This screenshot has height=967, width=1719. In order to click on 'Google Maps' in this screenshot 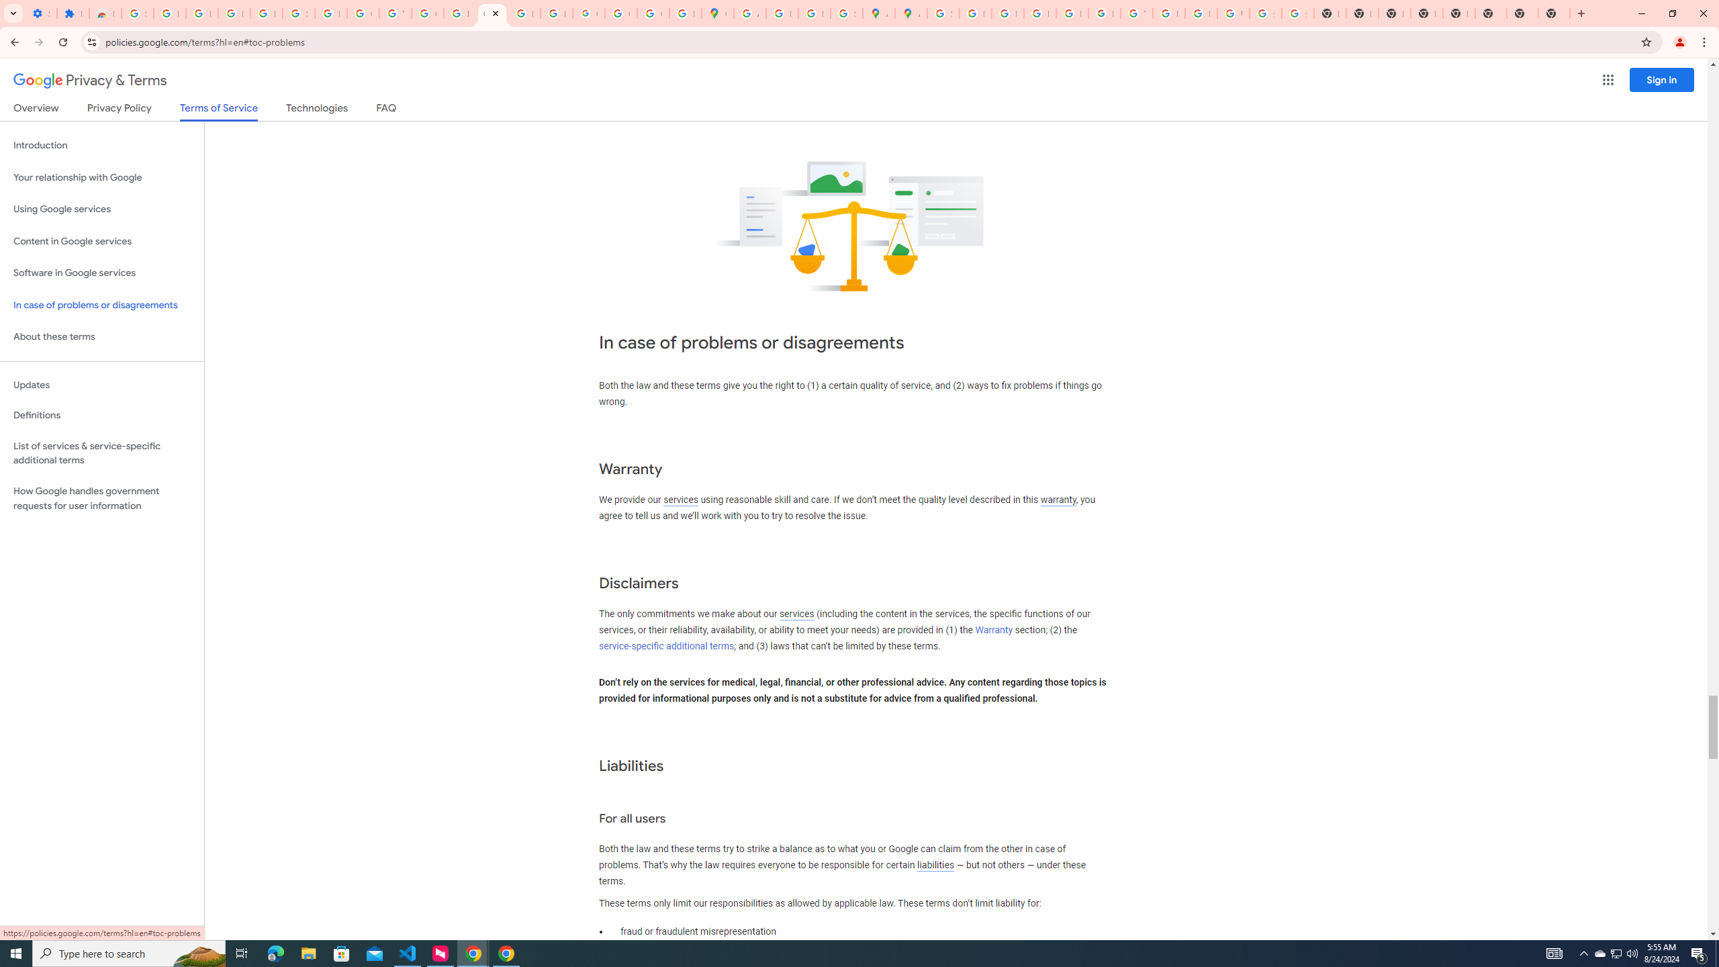, I will do `click(717, 13)`.